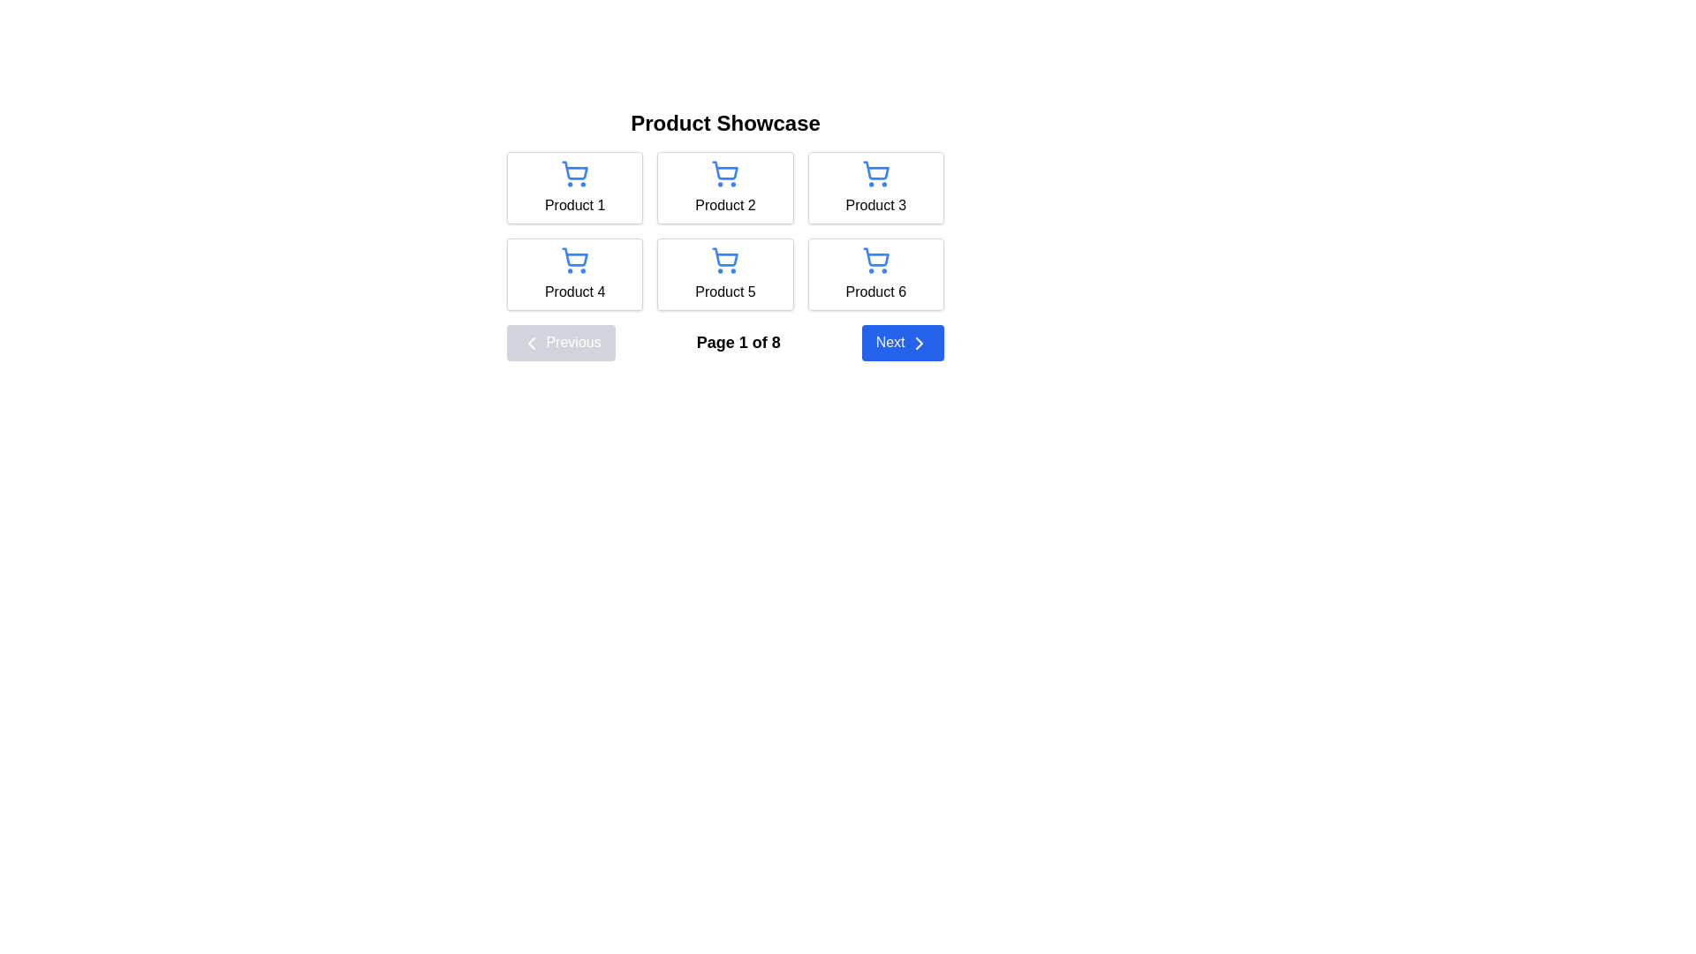  Describe the element at coordinates (725, 275) in the screenshot. I see `the product card displaying 'Product 5'` at that location.